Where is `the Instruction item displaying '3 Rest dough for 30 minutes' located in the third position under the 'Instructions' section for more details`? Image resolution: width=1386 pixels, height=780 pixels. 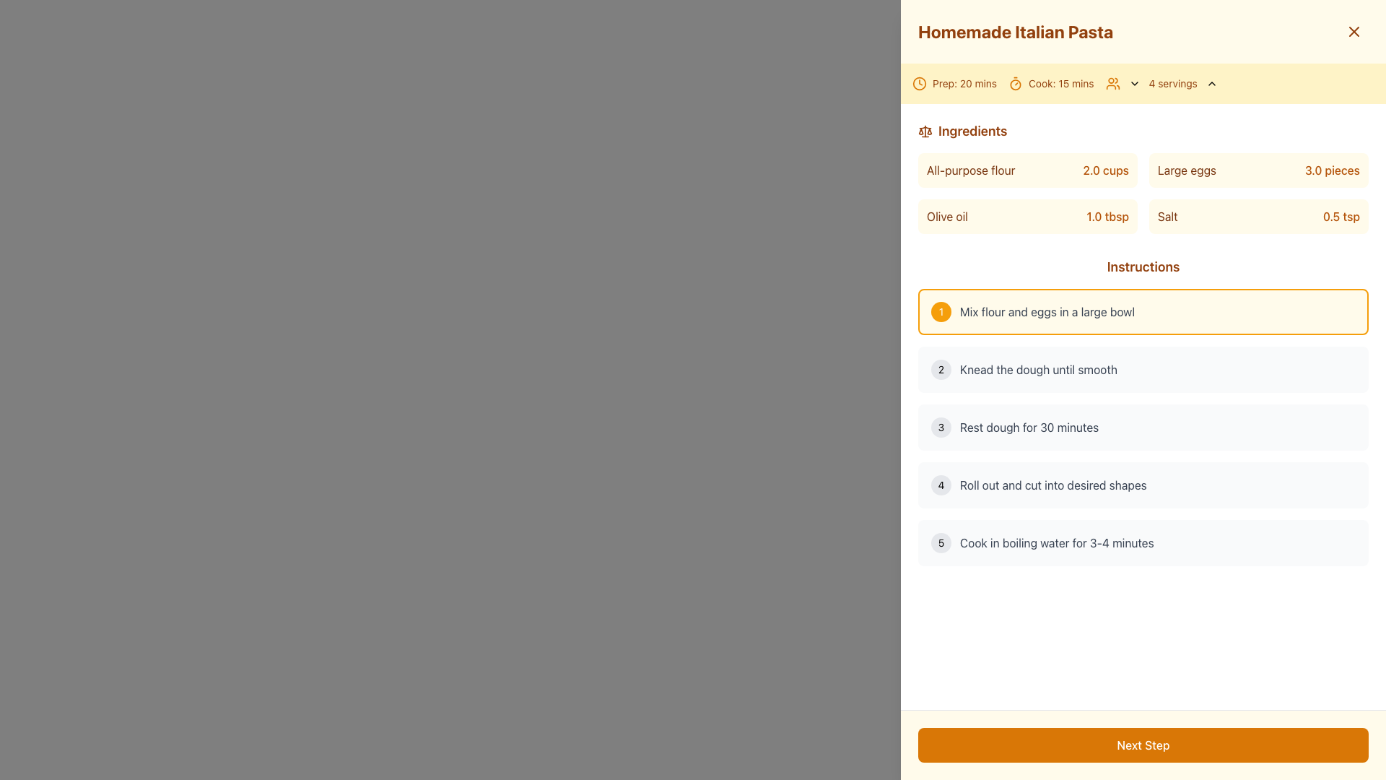
the Instruction item displaying '3 Rest dough for 30 minutes' located in the third position under the 'Instructions' section for more details is located at coordinates (1143, 426).